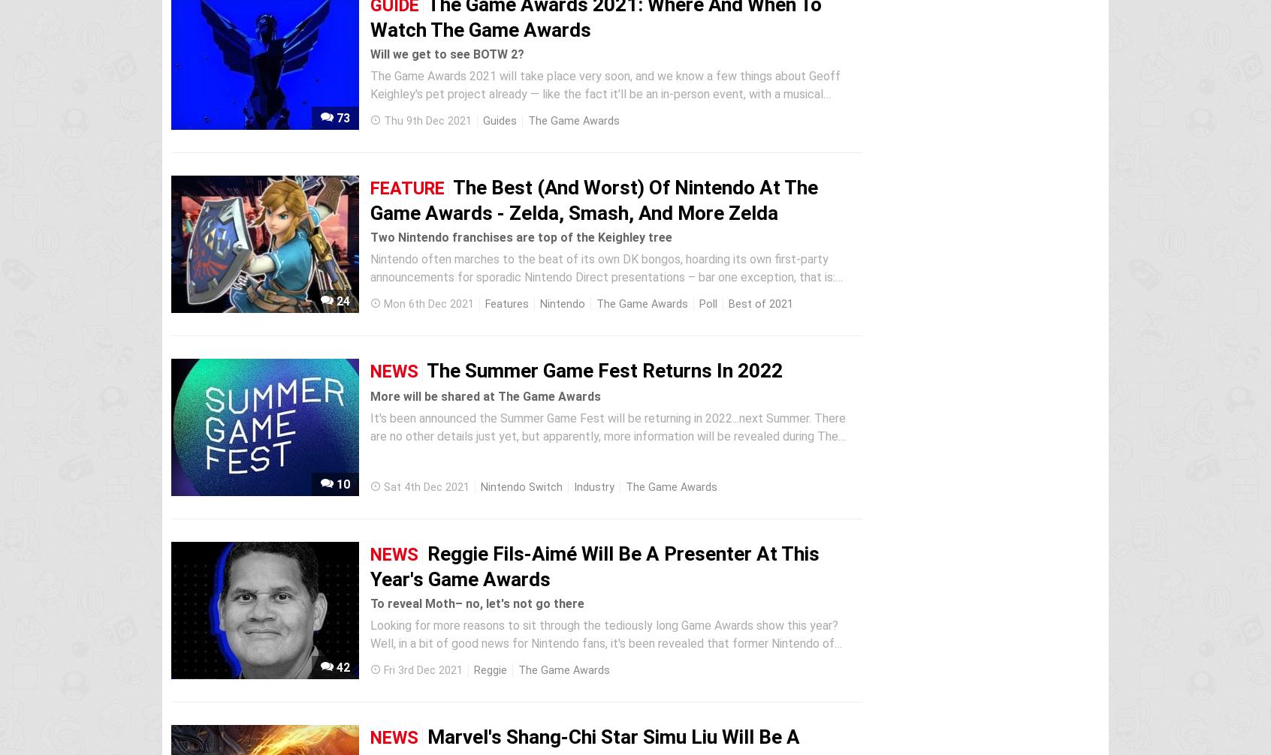 The image size is (1271, 755). What do you see at coordinates (594, 199) in the screenshot?
I see `'The Best (And Worst) Of Nintendo At The Game Awards - Zelda, Smash, And More Zelda'` at bounding box center [594, 199].